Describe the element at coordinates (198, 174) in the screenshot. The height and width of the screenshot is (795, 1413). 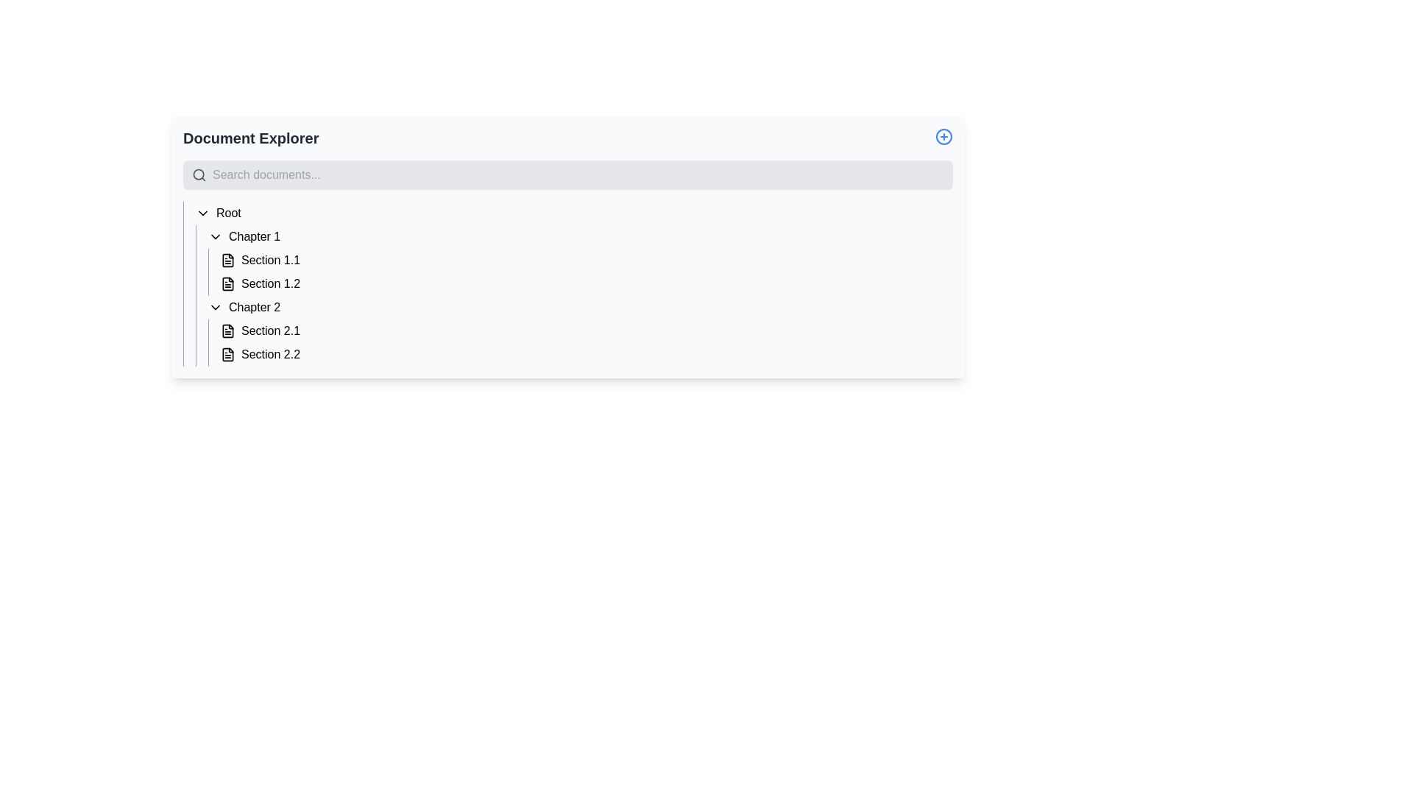
I see `the search icon located to the left of the input field in the search bar component at the top of the document explorer` at that location.